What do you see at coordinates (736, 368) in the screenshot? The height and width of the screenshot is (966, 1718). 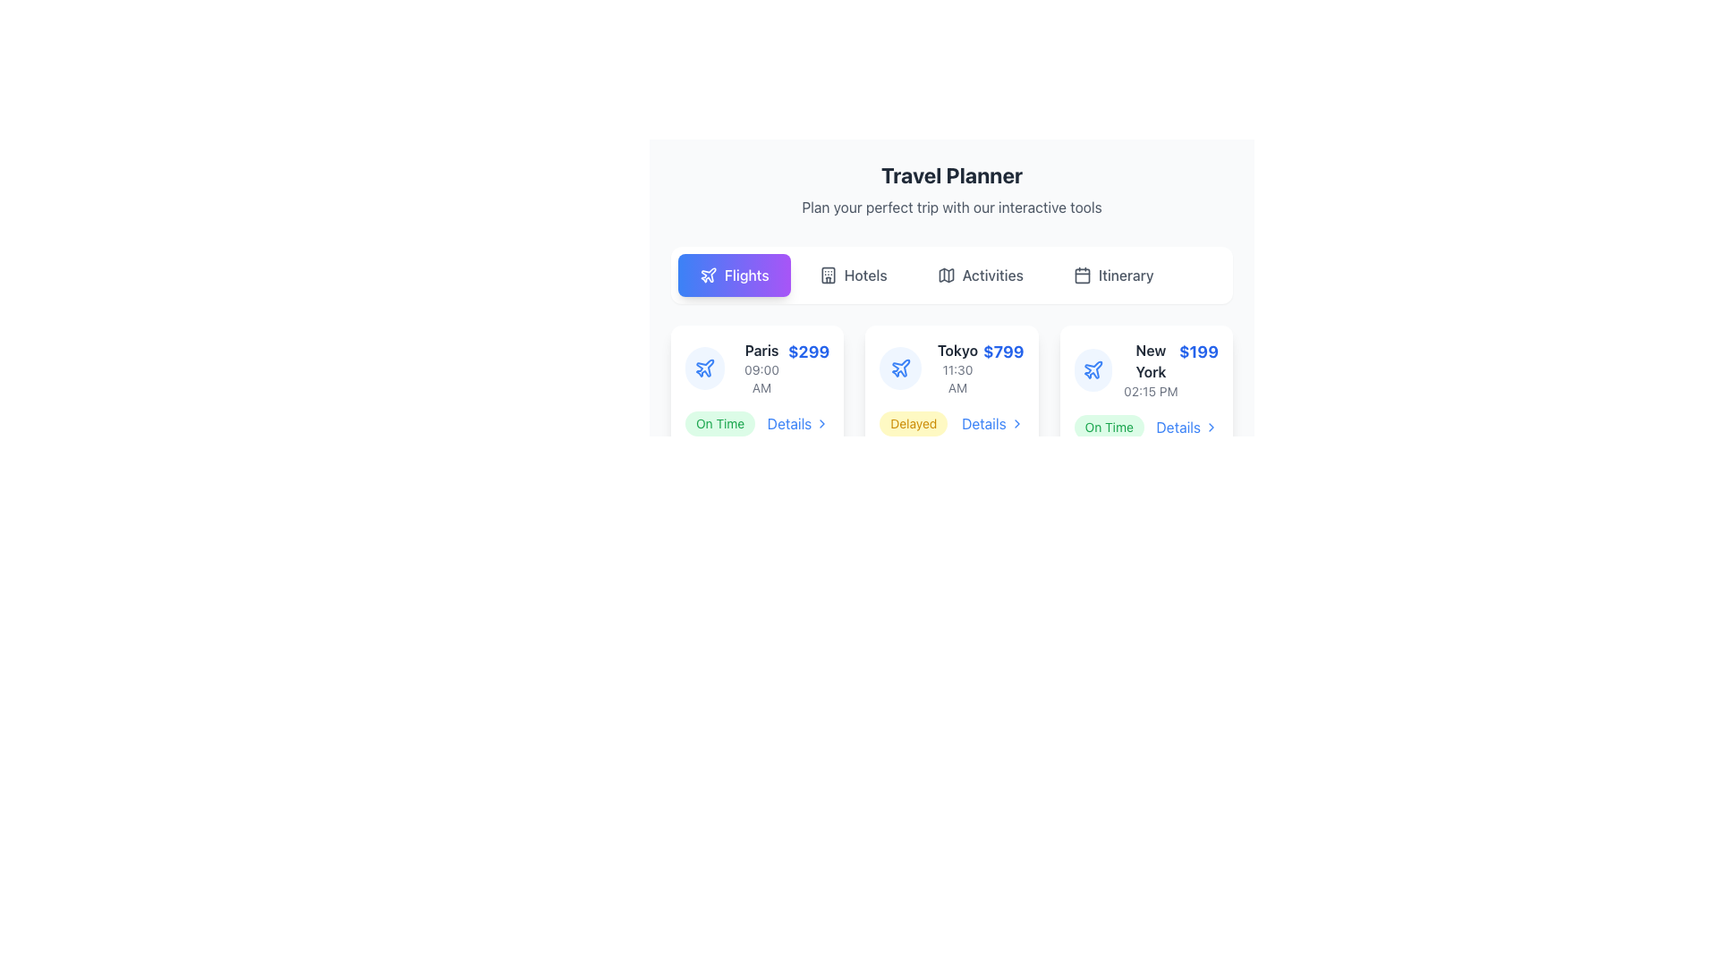 I see `informational text display element showing 'Paris' and the time '09:00 AM', which is located in the first column of flight information elements` at bounding box center [736, 368].